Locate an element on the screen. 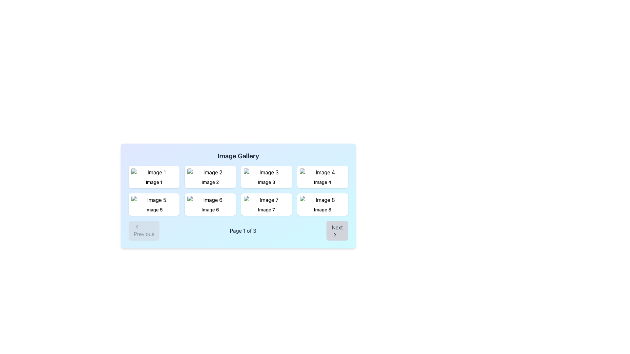 Image resolution: width=630 pixels, height=354 pixels. the Information card located in the top-left corner of a 2x4 grid layout, which contains an image at the top and text 'Image 1' below it is located at coordinates (154, 177).